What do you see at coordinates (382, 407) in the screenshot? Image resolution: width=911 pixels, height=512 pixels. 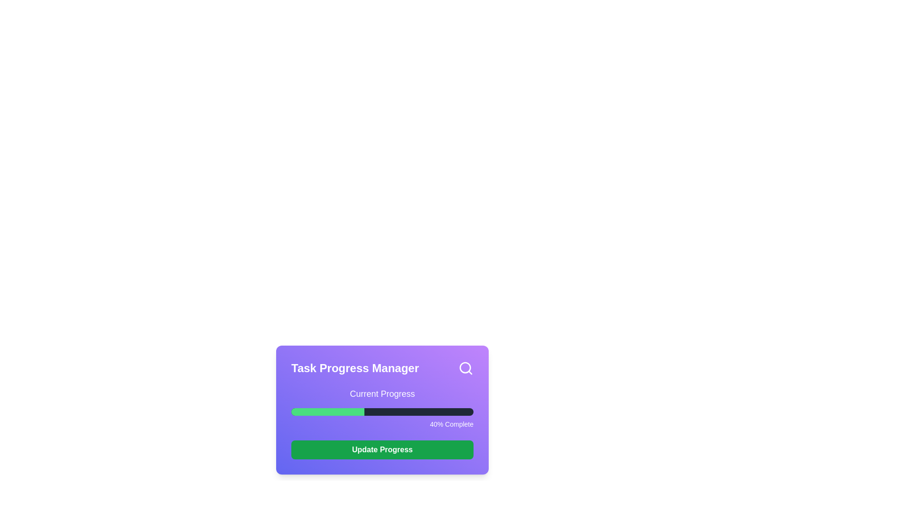 I see `the progress bar labeled 'Current Progress' which visually represents the task's completion with a green and gray segment, located in the 'Task Progress Manager'` at bounding box center [382, 407].